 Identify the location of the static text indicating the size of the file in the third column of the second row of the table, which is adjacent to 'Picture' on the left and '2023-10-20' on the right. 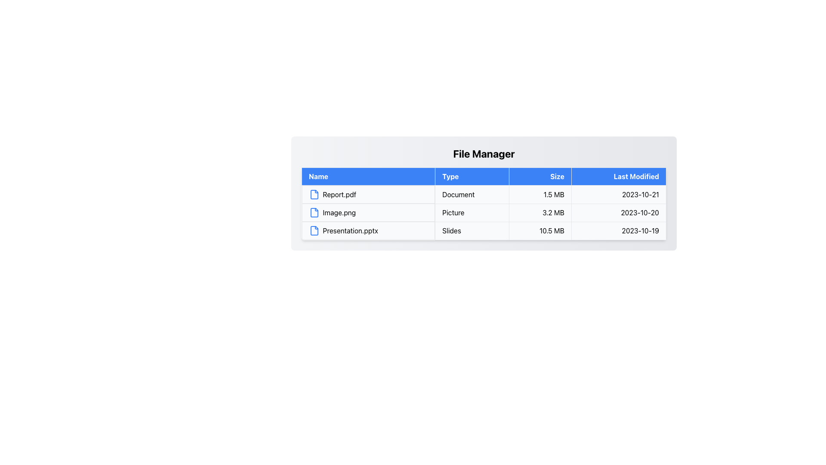
(540, 212).